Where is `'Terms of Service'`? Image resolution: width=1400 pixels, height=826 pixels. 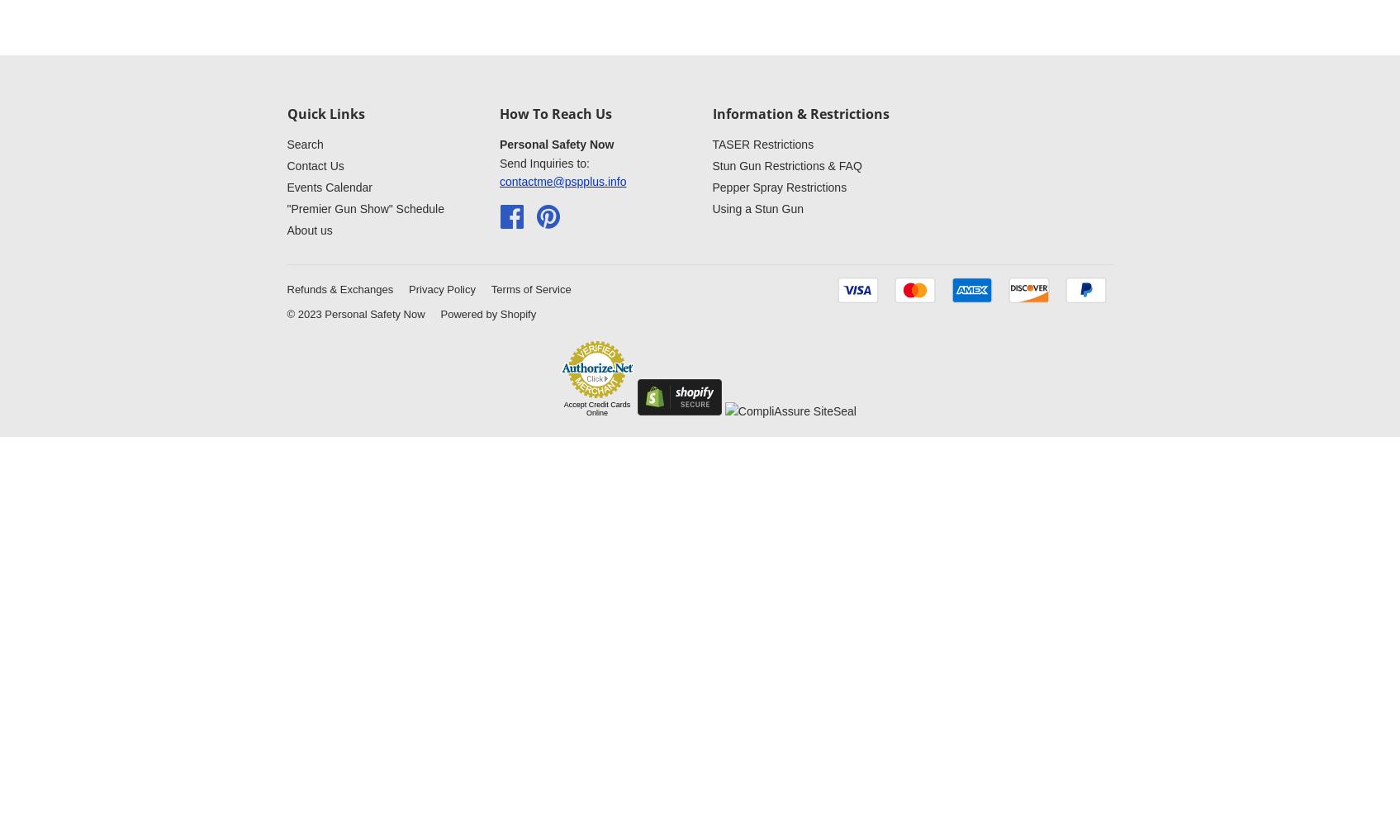
'Terms of Service' is located at coordinates (529, 287).